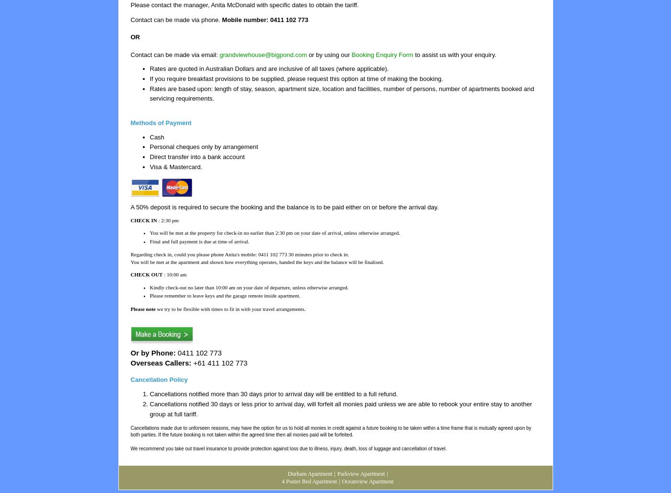 Image resolution: width=671 pixels, height=493 pixels. I want to click on 'Overseas Callers:', so click(161, 363).